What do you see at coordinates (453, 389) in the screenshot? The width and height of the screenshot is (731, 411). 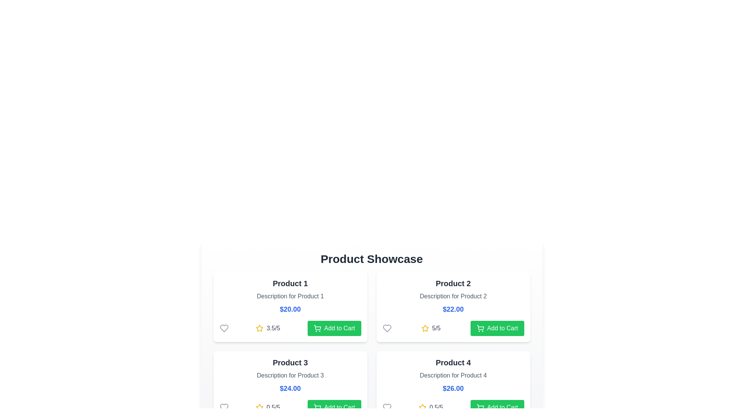 I see `text label displaying the price '$26.00' styled in blue with bold font, located below the product description in the fourth product card` at bounding box center [453, 389].